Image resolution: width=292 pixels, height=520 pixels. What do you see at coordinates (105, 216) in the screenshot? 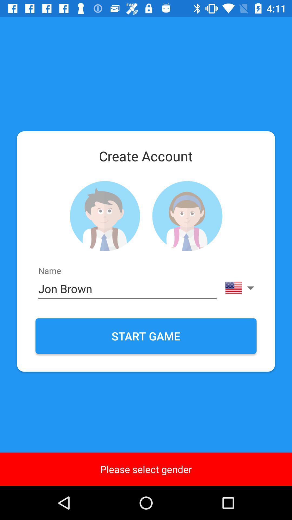
I see `choose male account` at bounding box center [105, 216].